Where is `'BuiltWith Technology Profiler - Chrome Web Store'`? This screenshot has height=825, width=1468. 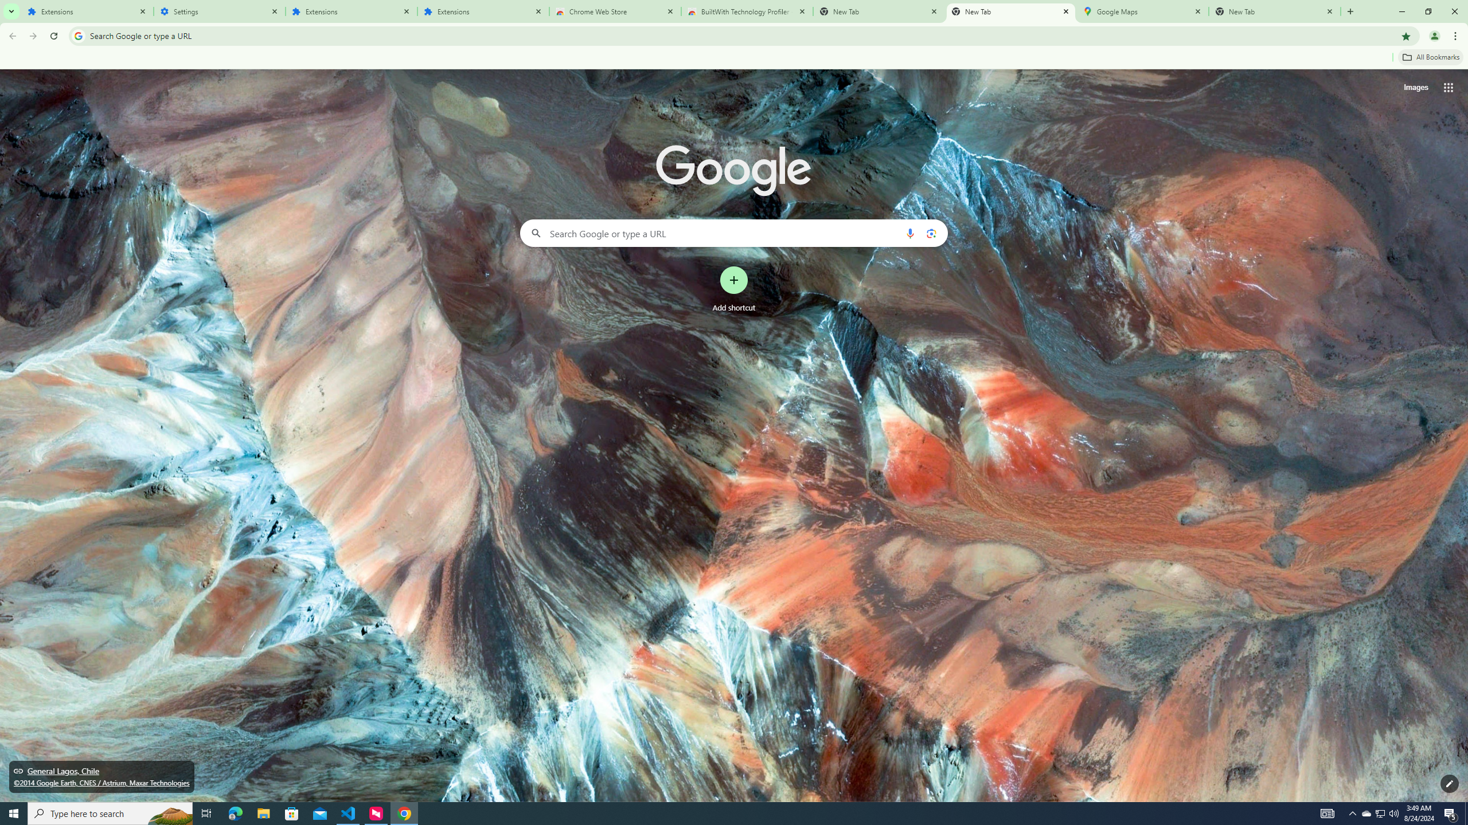
'BuiltWith Technology Profiler - Chrome Web Store' is located at coordinates (747, 11).